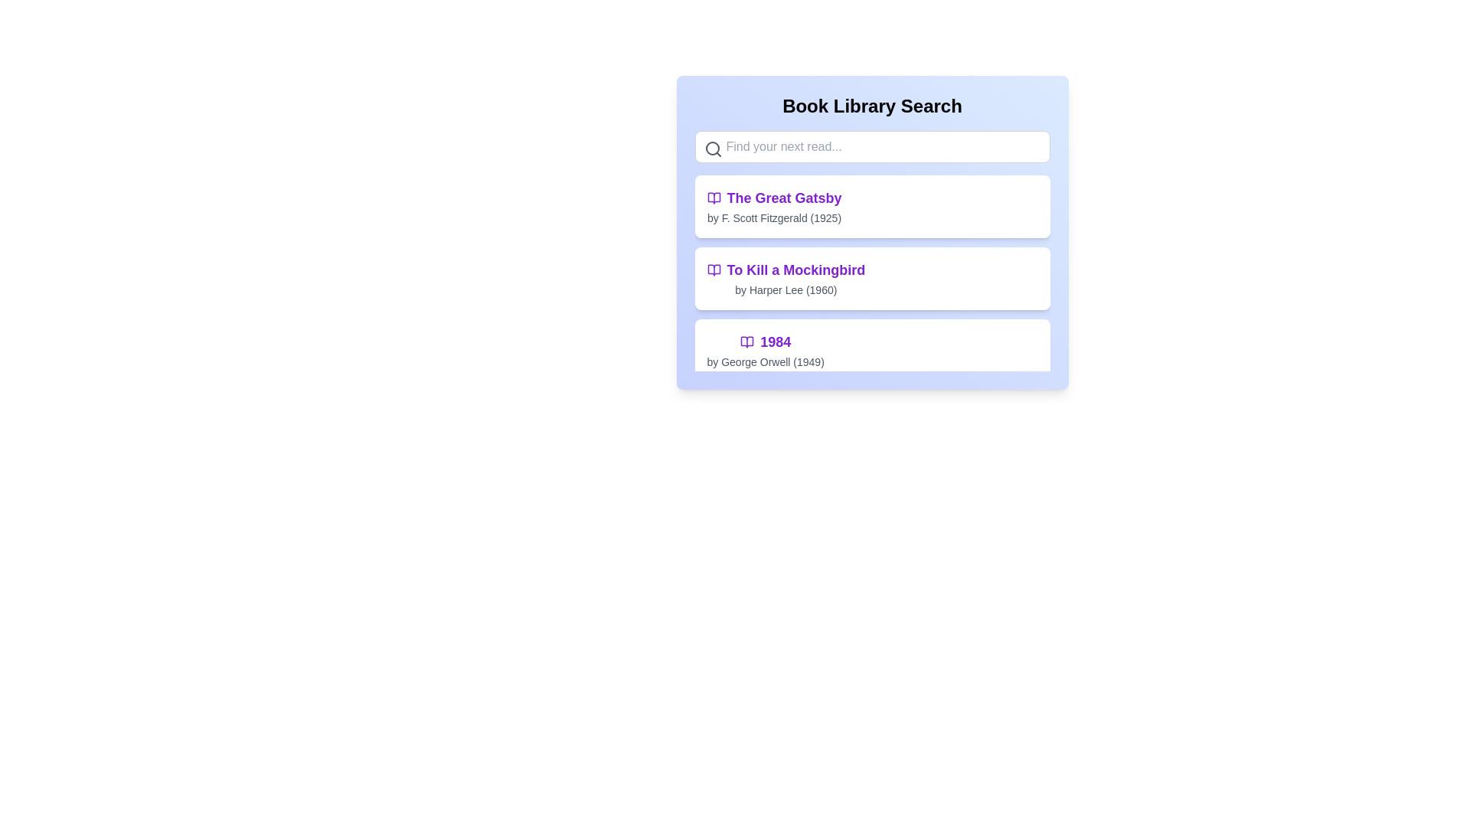  What do you see at coordinates (786, 278) in the screenshot?
I see `the static text component displaying 'To Kill a Mockingbird' in bold, purple font` at bounding box center [786, 278].